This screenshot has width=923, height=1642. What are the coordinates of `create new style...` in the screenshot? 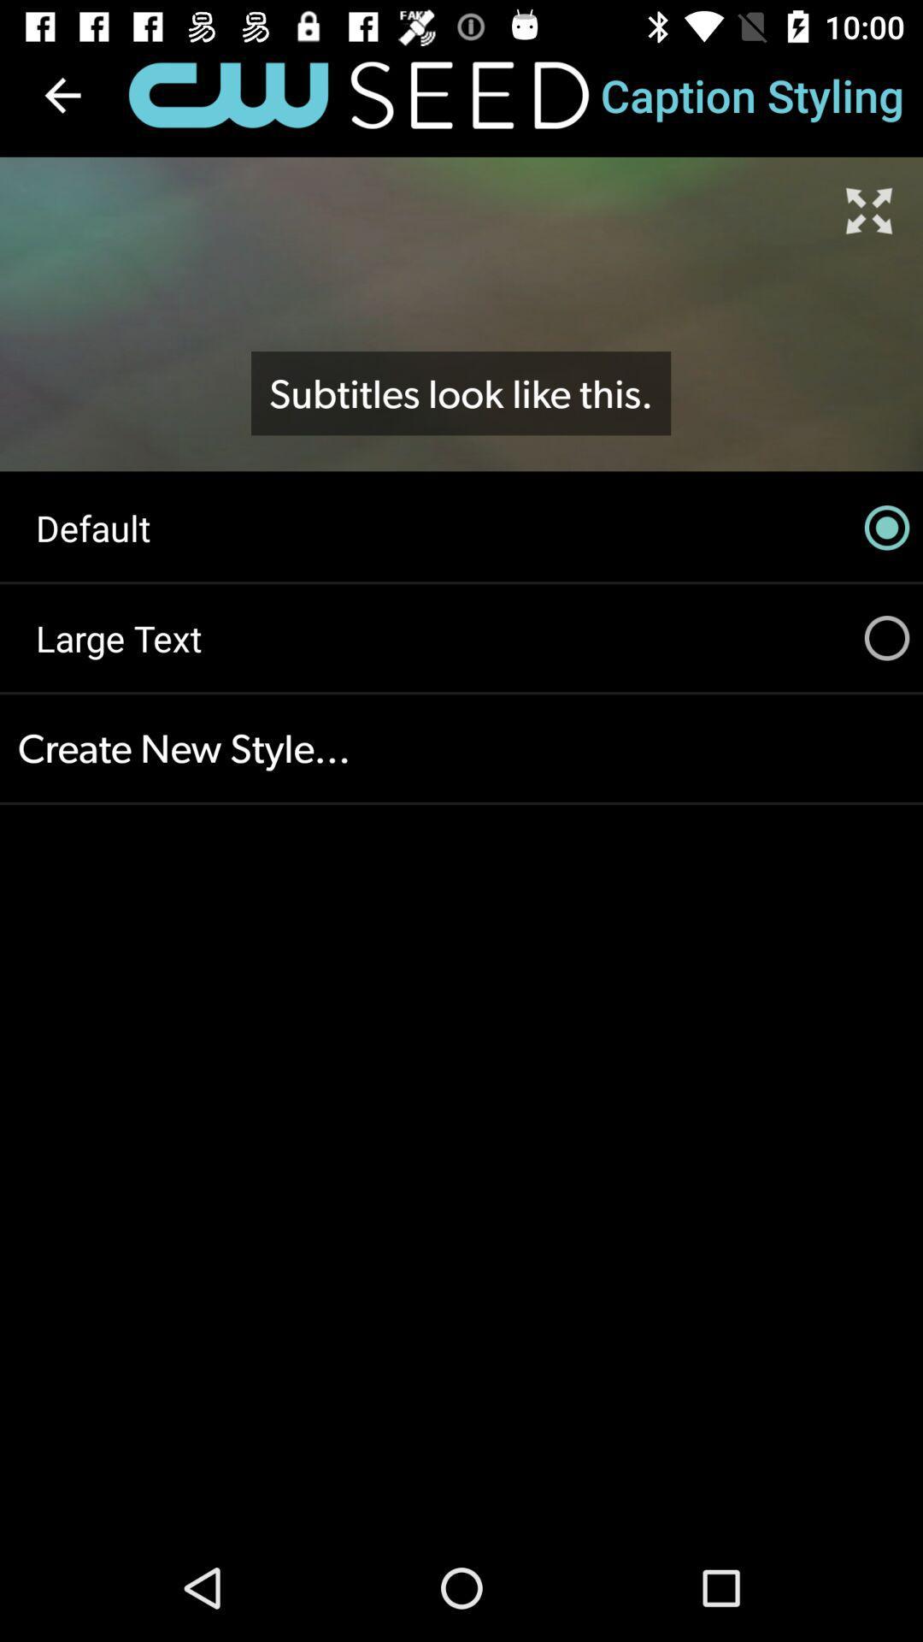 It's located at (461, 748).